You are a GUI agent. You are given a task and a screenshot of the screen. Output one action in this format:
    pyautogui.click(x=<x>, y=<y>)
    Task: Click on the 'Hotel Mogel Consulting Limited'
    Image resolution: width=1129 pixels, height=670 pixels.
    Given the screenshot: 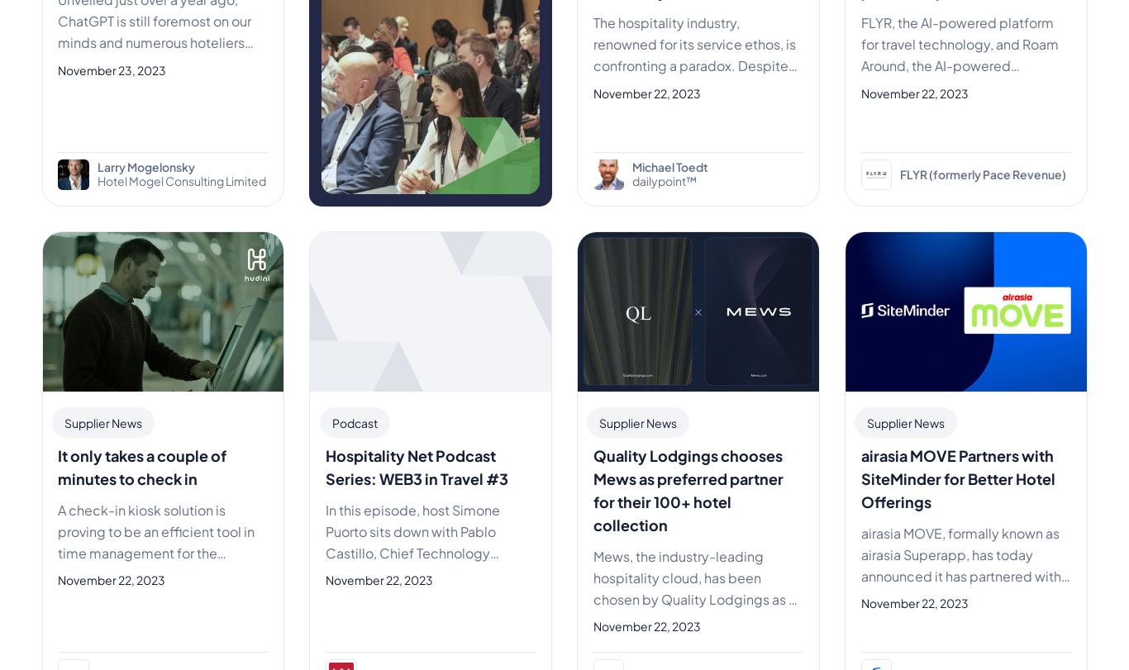 What is the action you would take?
    pyautogui.click(x=179, y=180)
    